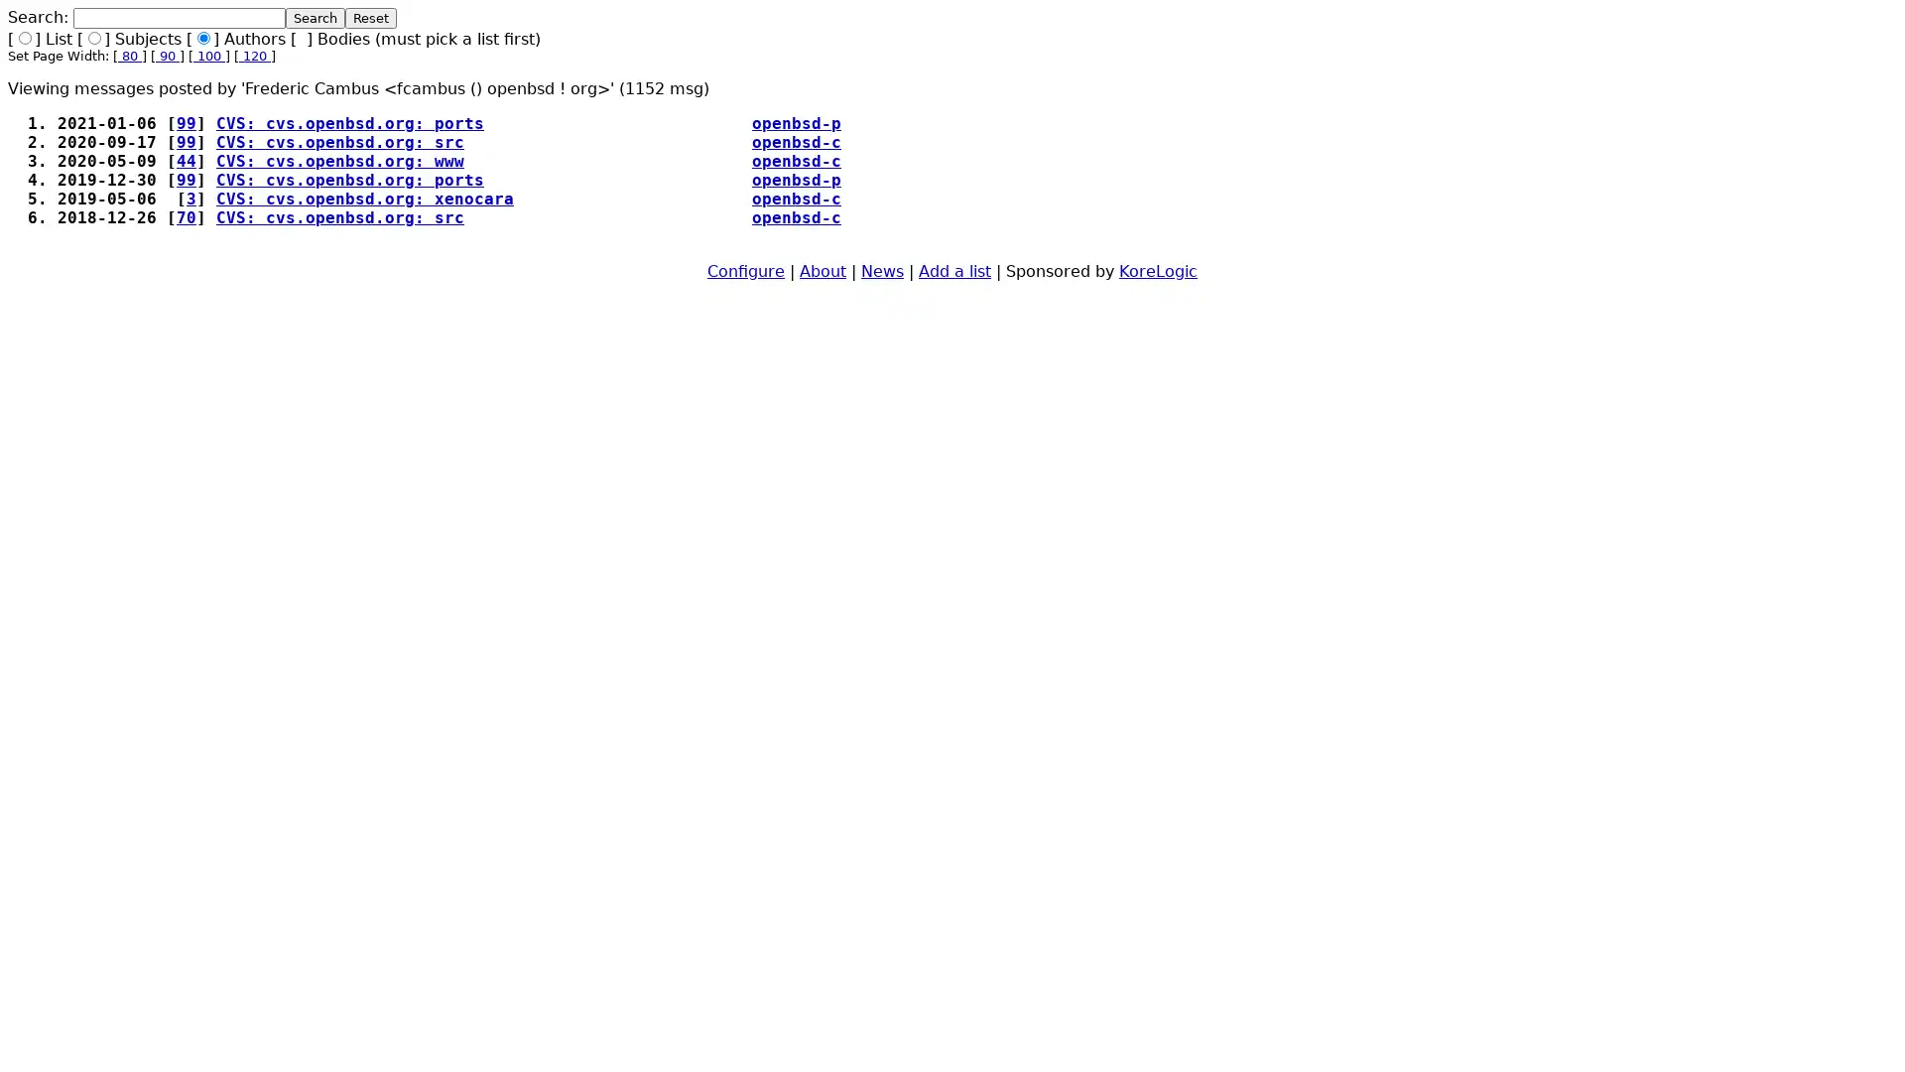 The image size is (1905, 1072). What do you see at coordinates (371, 18) in the screenshot?
I see `Reset` at bounding box center [371, 18].